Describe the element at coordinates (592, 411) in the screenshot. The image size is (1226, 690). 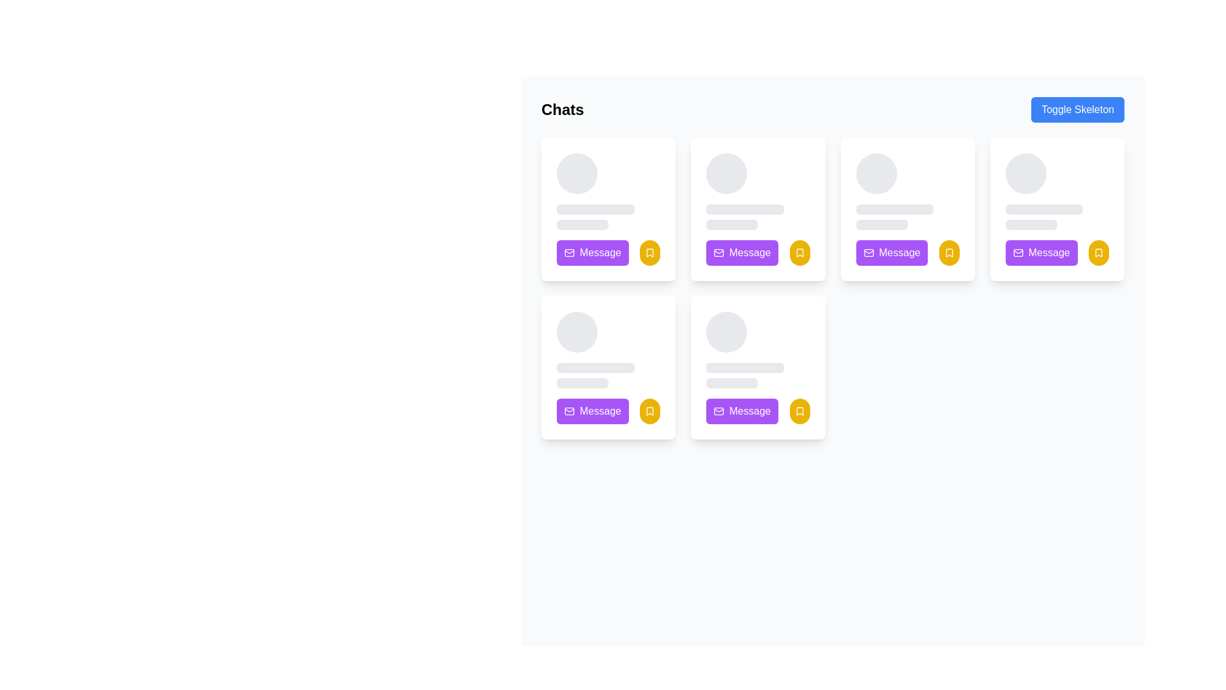
I see `the 'Message' button with a purple background and white text for keyboard navigation` at that location.